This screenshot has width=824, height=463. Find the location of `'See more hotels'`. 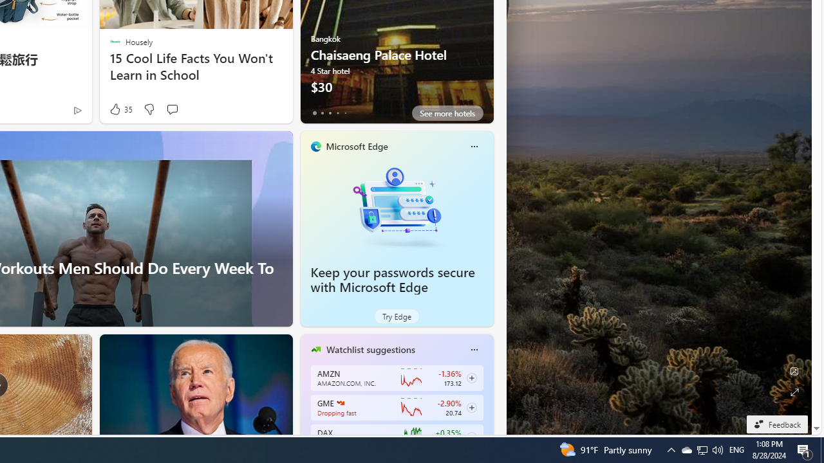

'See more hotels' is located at coordinates (447, 113).